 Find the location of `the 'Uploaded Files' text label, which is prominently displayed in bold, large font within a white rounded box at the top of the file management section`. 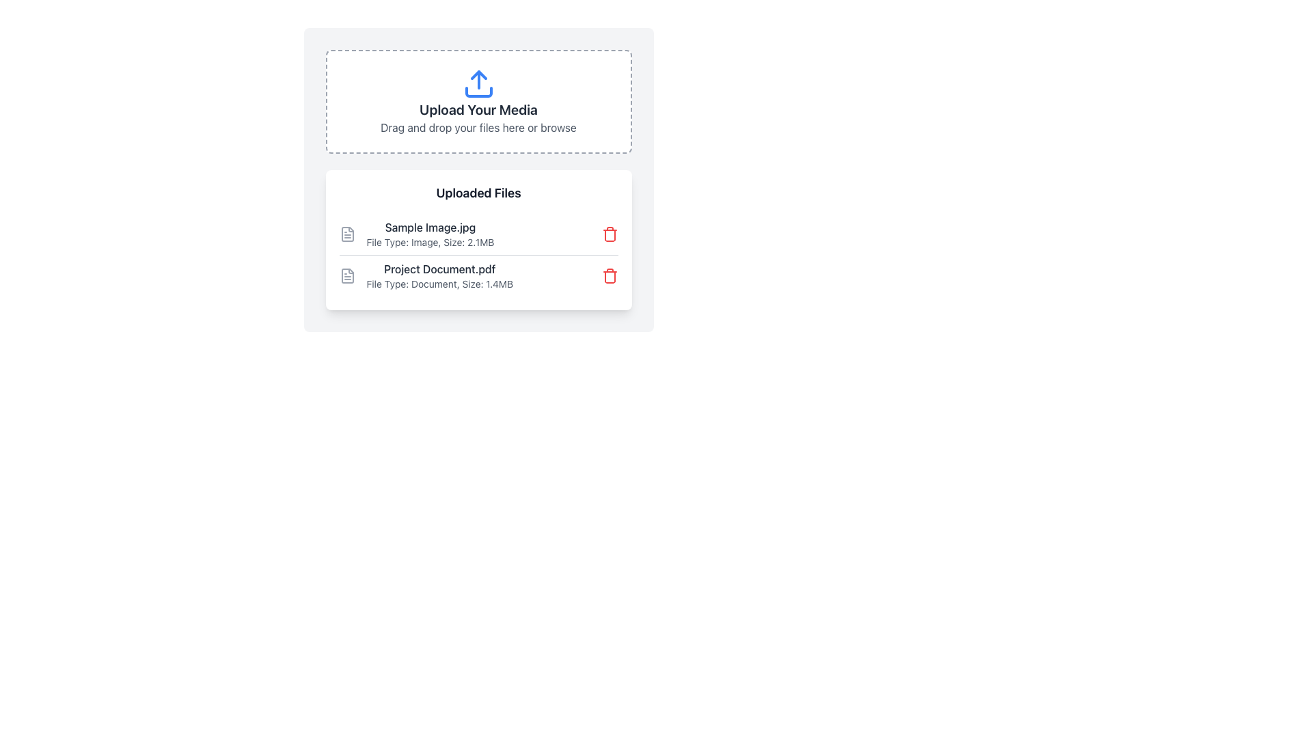

the 'Uploaded Files' text label, which is prominently displayed in bold, large font within a white rounded box at the top of the file management section is located at coordinates (478, 193).